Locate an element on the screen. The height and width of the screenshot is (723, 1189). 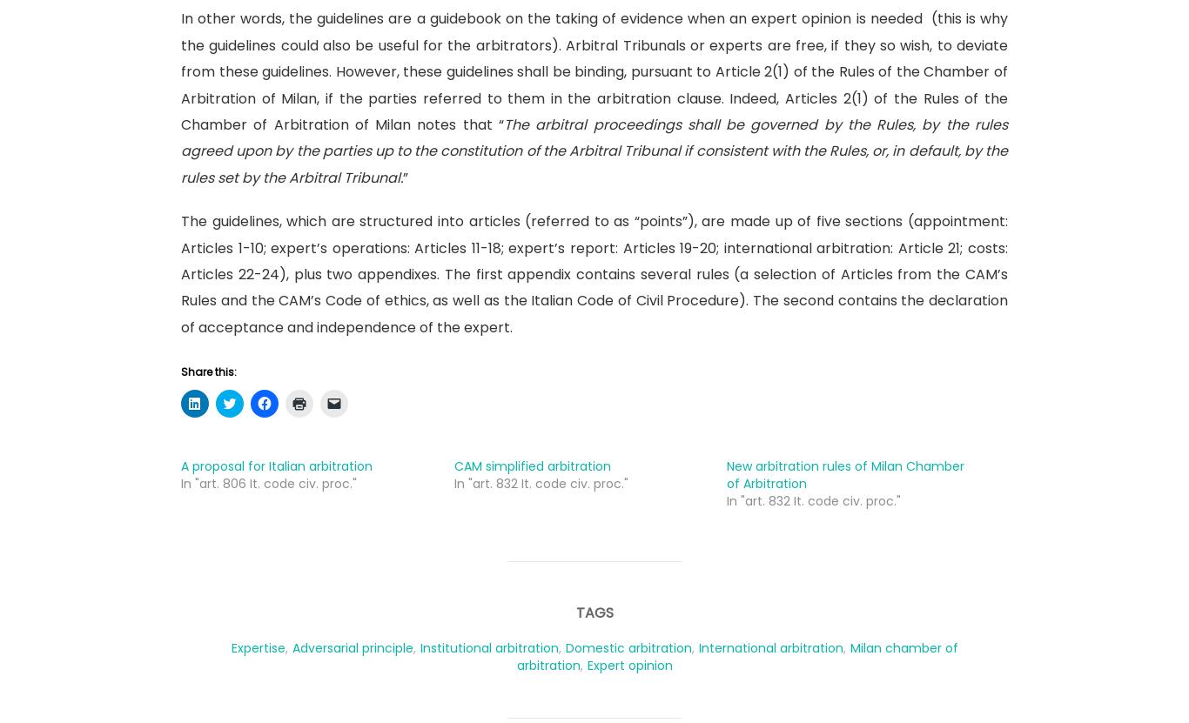
'Institutional arbitration' is located at coordinates (488, 646).